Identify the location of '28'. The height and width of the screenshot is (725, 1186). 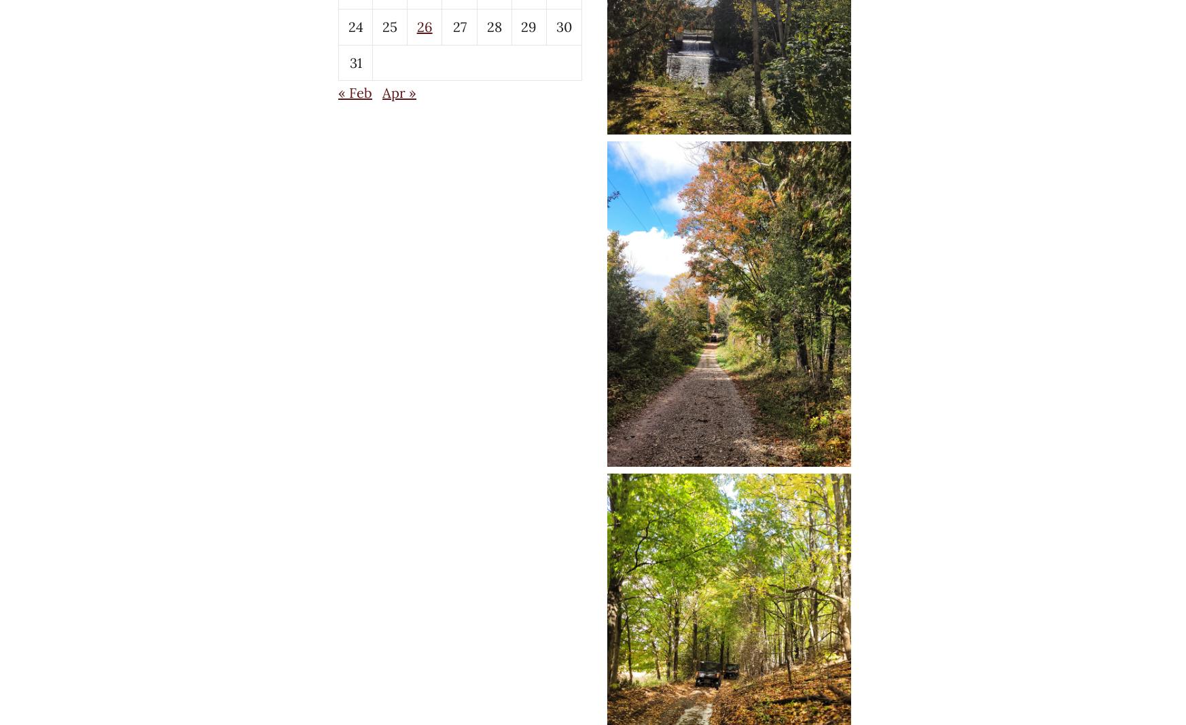
(493, 26).